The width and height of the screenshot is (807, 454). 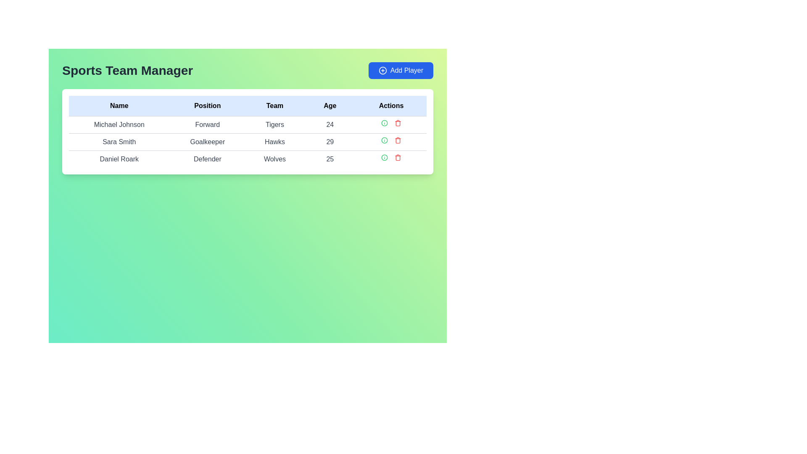 I want to click on the 'Age' column header in the table, so click(x=330, y=106).